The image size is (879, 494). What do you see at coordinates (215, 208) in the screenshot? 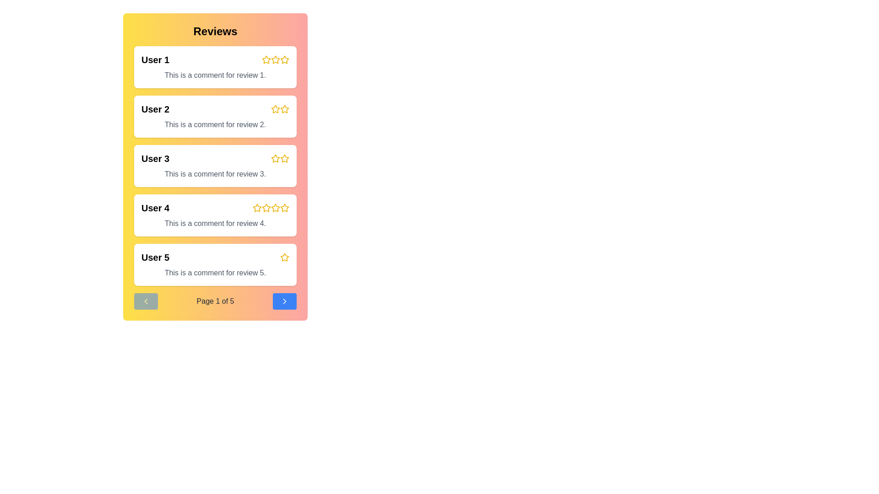
I see `the username 'User 4' in the fourth review item` at bounding box center [215, 208].